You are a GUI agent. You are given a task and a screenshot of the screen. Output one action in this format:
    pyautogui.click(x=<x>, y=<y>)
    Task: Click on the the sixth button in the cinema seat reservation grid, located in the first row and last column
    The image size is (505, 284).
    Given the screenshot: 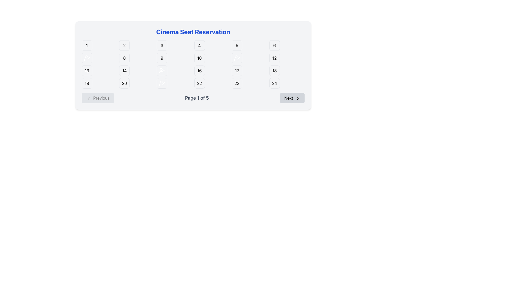 What is the action you would take?
    pyautogui.click(x=274, y=45)
    